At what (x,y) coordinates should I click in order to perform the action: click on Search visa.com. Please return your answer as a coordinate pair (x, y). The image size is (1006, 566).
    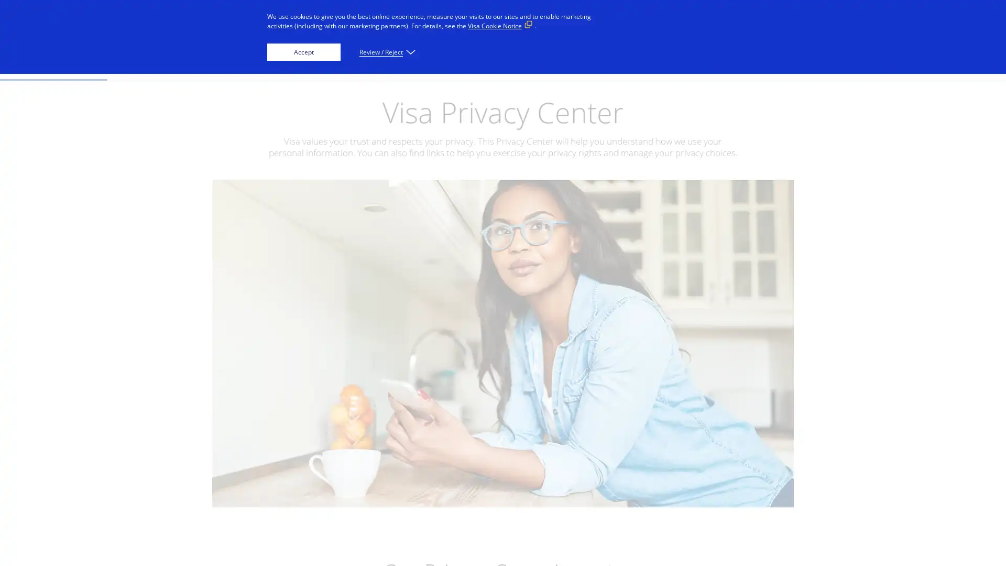
    Looking at the image, I should click on (980, 28).